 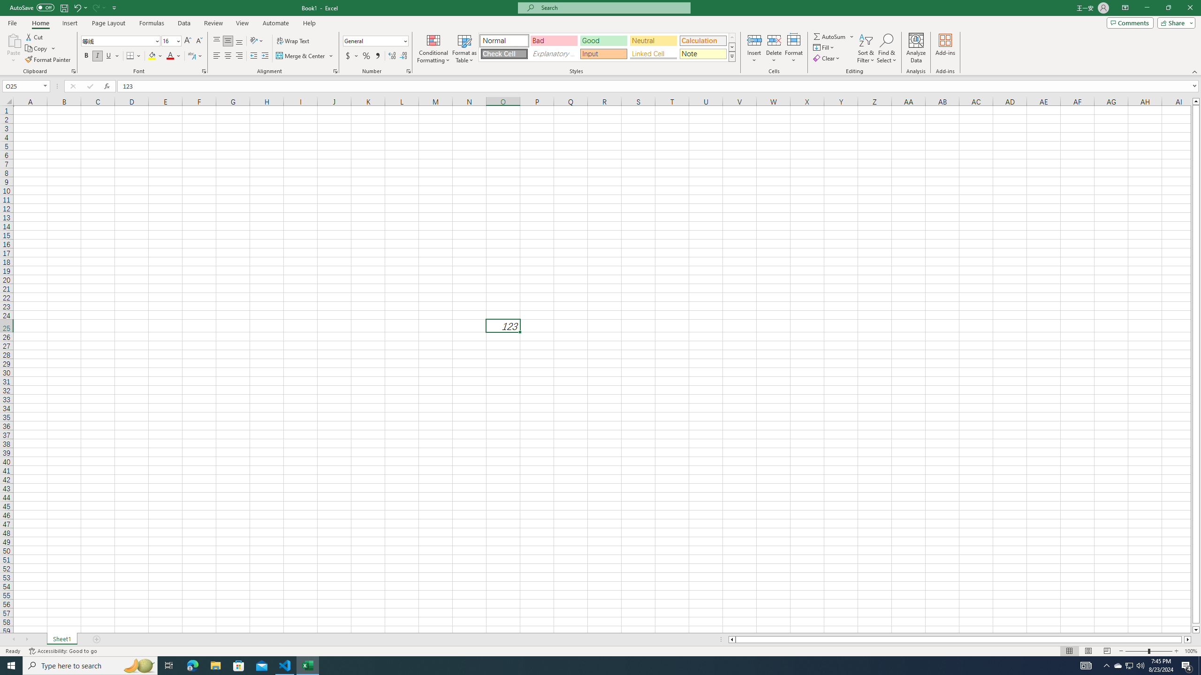 I want to click on 'Font Color', so click(x=174, y=55).